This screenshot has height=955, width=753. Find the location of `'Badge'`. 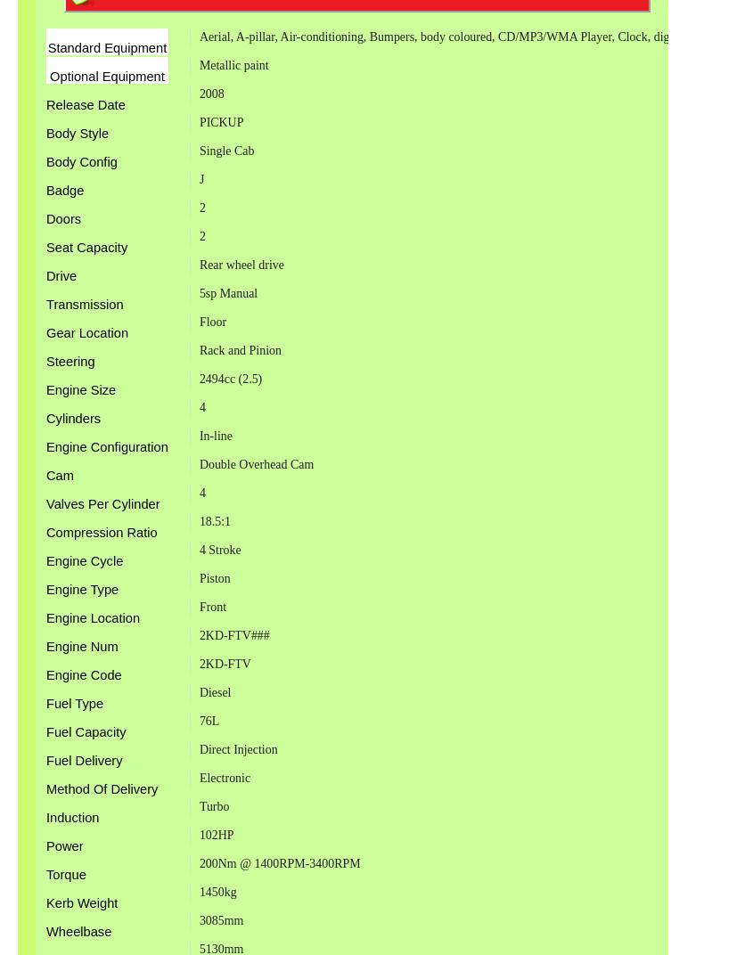

'Badge' is located at coordinates (45, 190).